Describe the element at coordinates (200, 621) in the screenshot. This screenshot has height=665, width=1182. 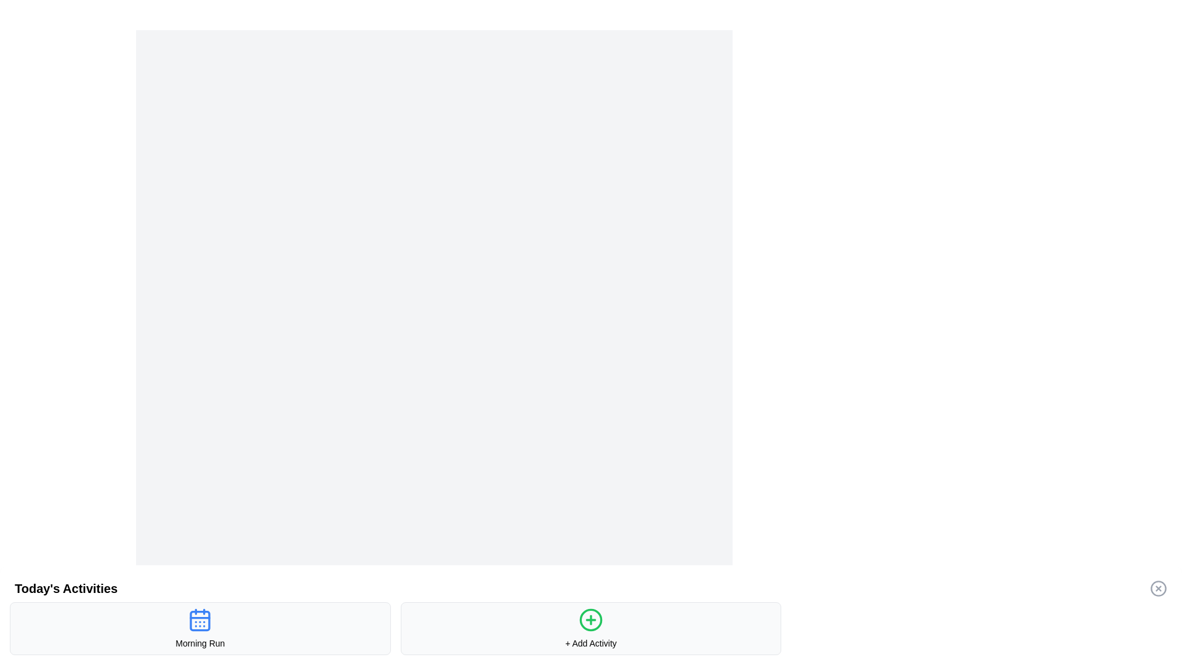
I see `the decorative rounded rectangle shape inside the calendar icon associated with 'Morning Run' in the 'Today's Activities' section` at that location.